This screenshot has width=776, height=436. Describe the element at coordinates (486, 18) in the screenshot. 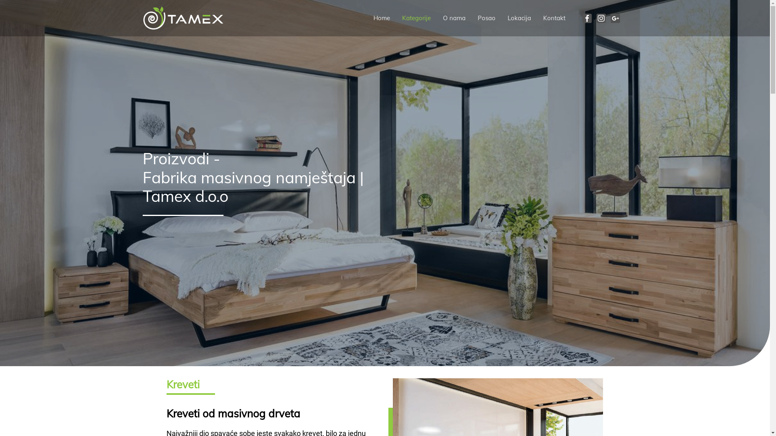

I see `'Posao'` at that location.